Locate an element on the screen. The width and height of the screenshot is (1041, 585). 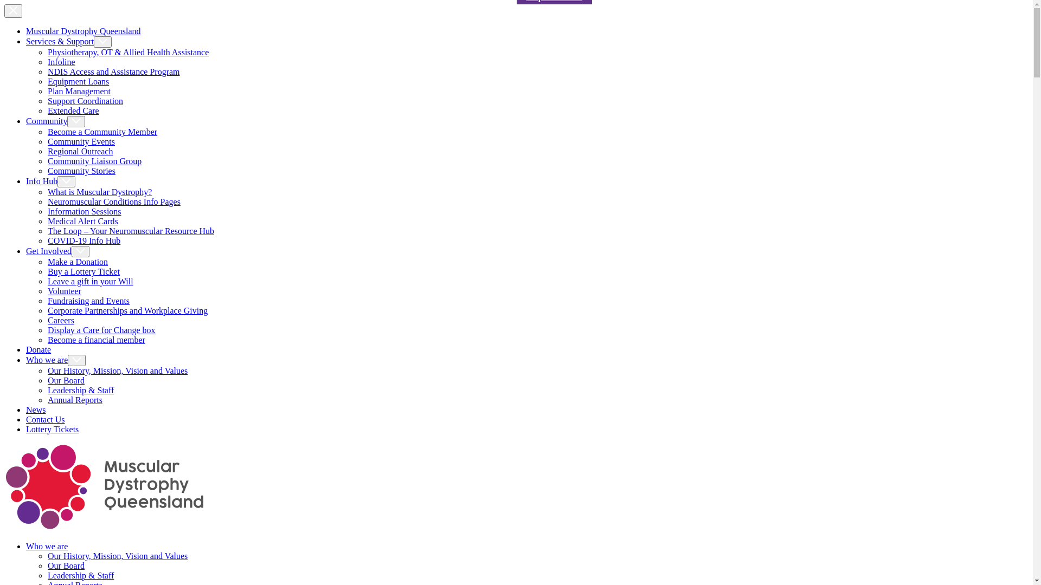
'Extended Care' is located at coordinates (73, 110).